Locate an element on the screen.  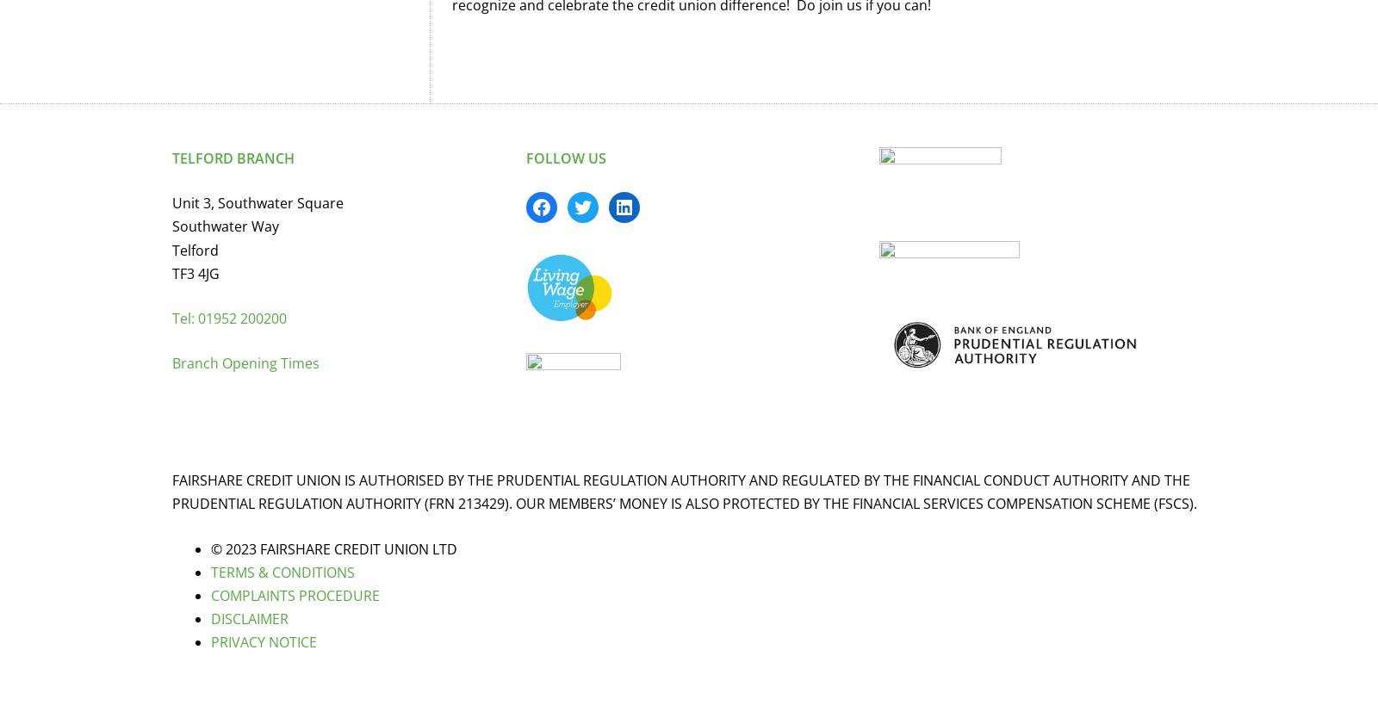
'Tel: 01952 200200' is located at coordinates (229, 316).